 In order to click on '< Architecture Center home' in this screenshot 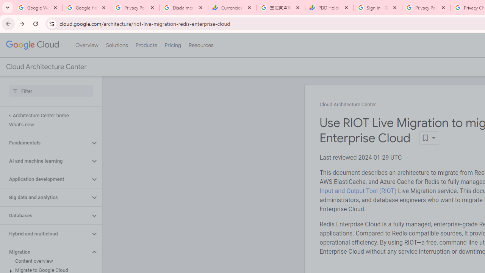, I will do `click(49, 115)`.